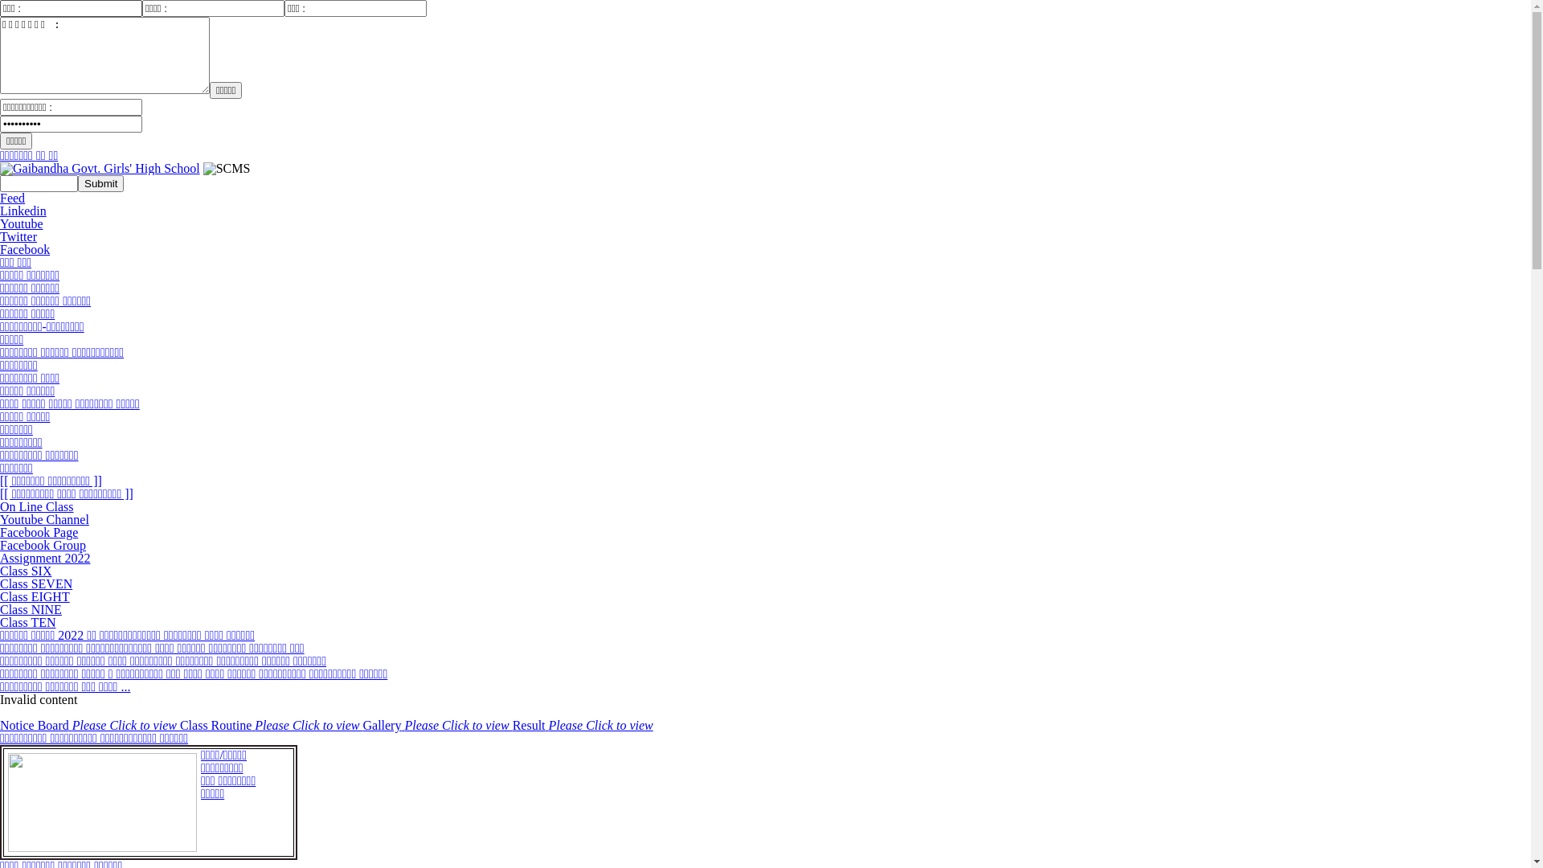  What do you see at coordinates (12, 197) in the screenshot?
I see `'Feed'` at bounding box center [12, 197].